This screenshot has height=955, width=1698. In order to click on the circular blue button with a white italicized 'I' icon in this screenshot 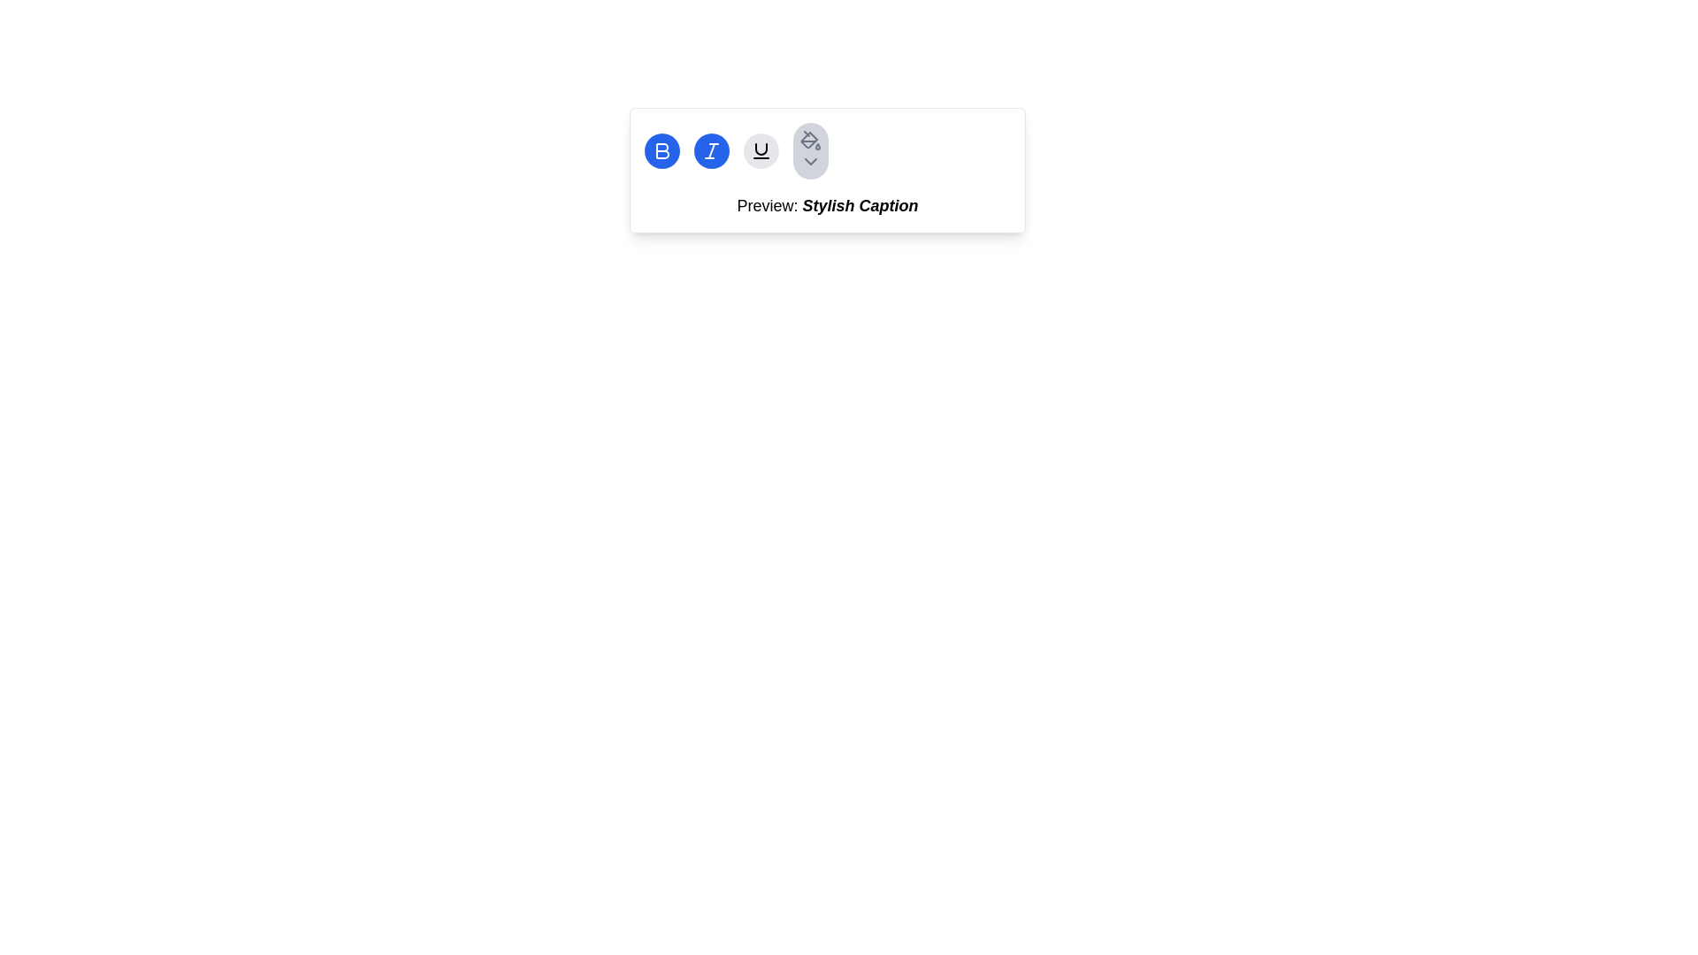, I will do `click(712, 149)`.